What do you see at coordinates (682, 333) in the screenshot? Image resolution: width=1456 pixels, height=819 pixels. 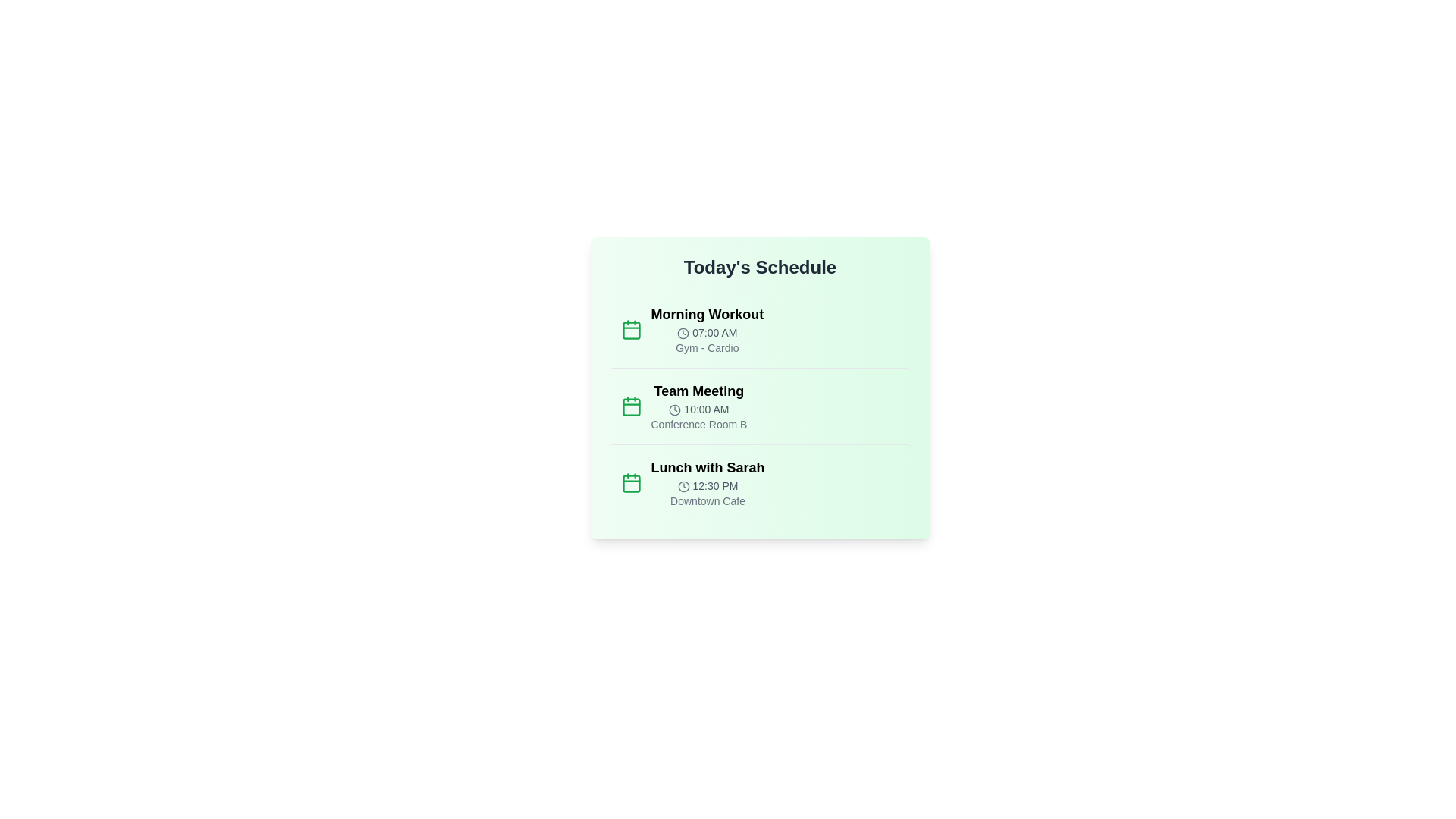 I see `the clock icon for the Morning Workout event` at bounding box center [682, 333].